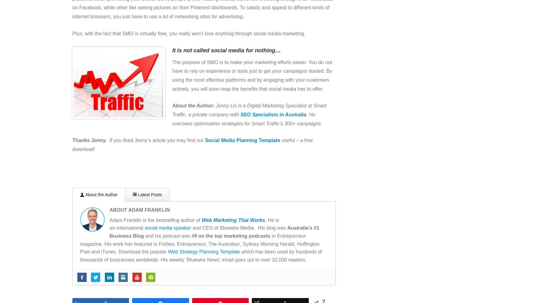 The width and height of the screenshot is (547, 303). What do you see at coordinates (204, 140) in the screenshot?
I see `'Social Media Planning Template'` at bounding box center [204, 140].